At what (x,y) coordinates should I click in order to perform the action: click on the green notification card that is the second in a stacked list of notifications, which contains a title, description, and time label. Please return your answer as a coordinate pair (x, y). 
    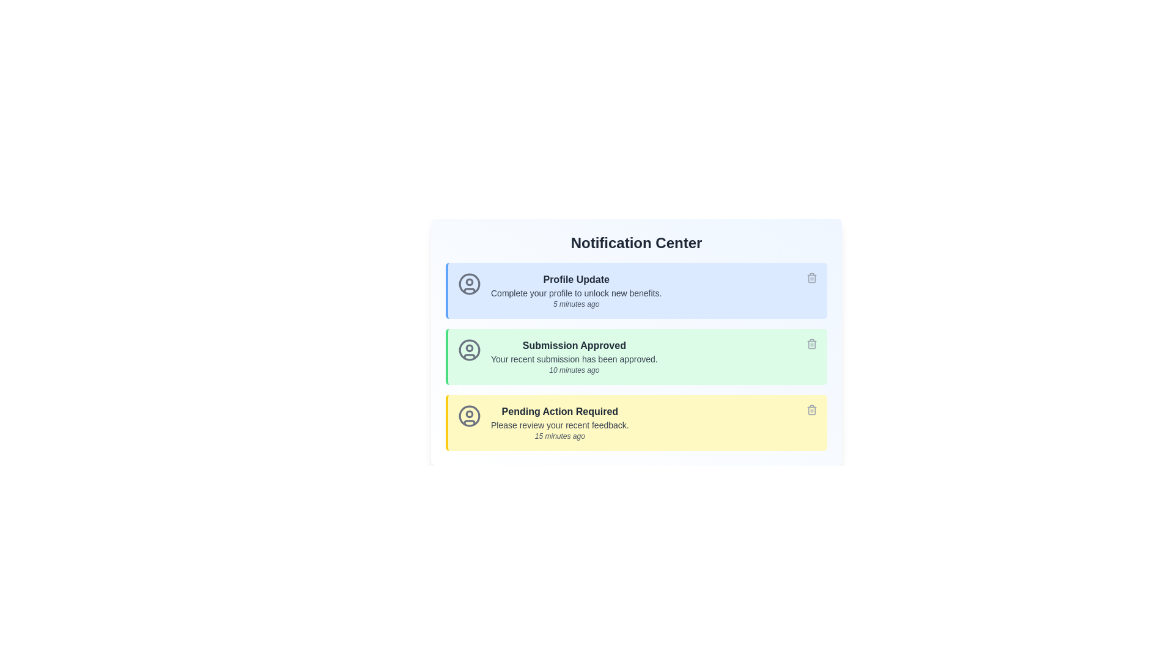
    Looking at the image, I should click on (636, 356).